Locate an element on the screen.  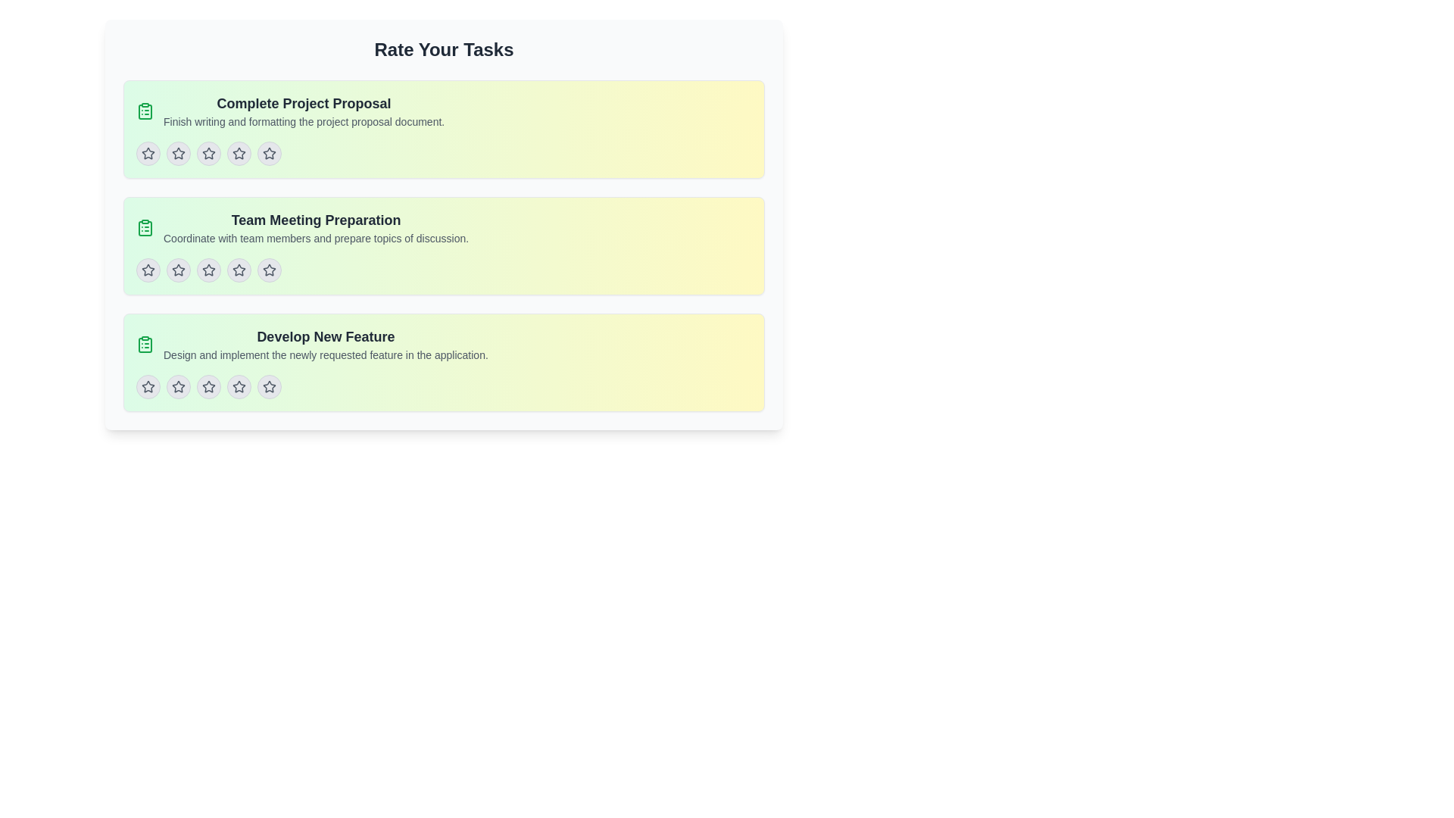
the second star-shaped rating icon, which is part of the rating mechanism for the 'Complete Project Proposal' task is located at coordinates (207, 154).